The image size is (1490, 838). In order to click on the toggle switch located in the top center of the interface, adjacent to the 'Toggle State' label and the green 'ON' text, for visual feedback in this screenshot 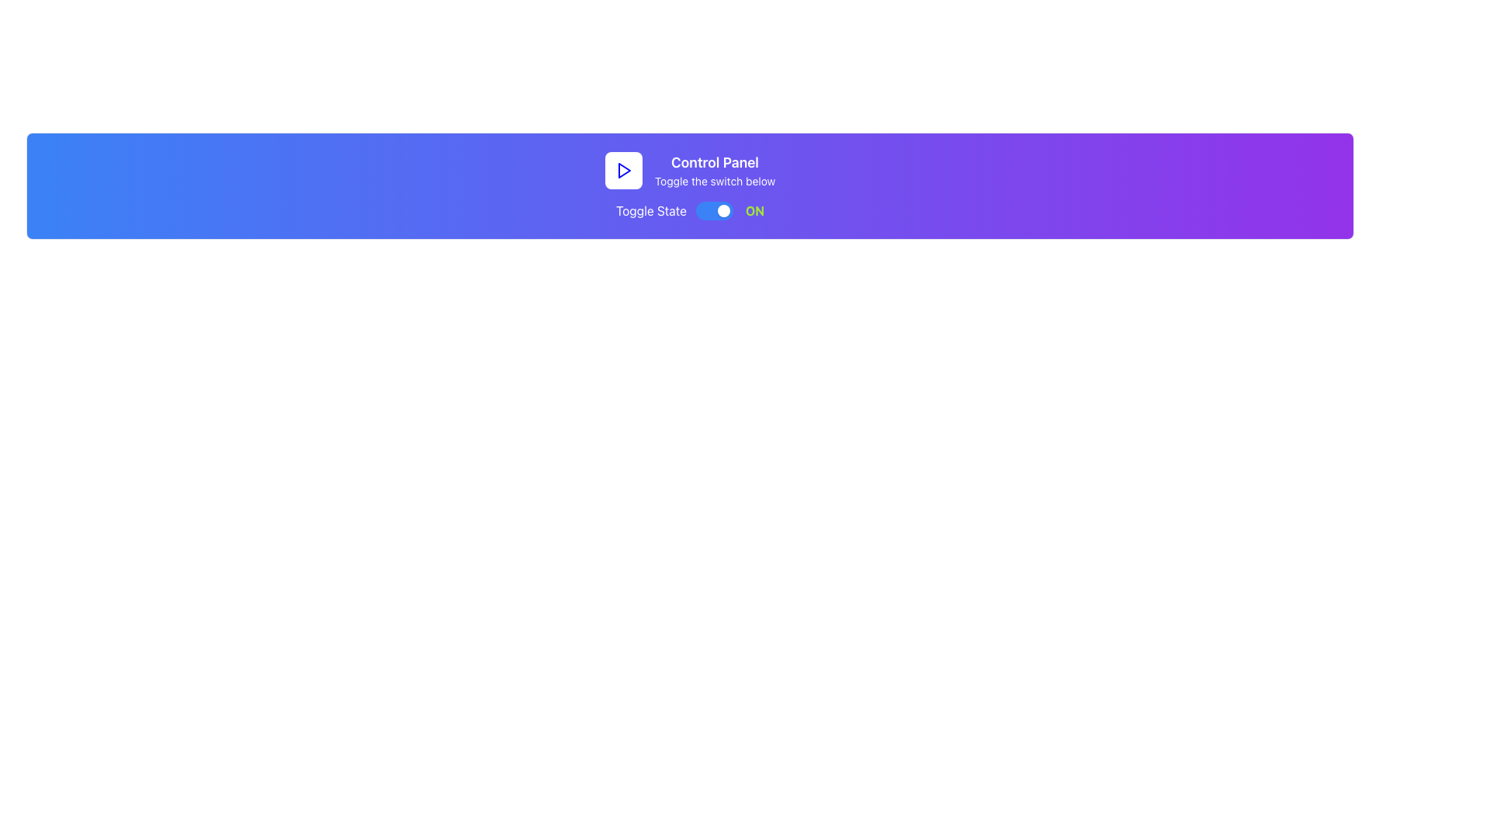, I will do `click(714, 211)`.